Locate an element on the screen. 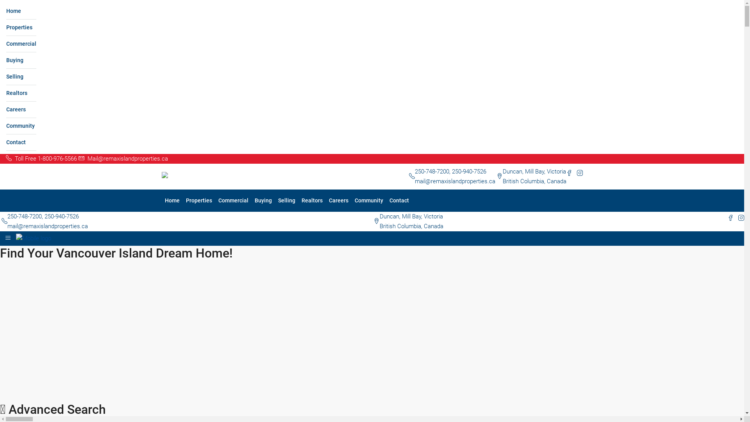  'Toll Free 1-800-976-5566' is located at coordinates (5, 158).